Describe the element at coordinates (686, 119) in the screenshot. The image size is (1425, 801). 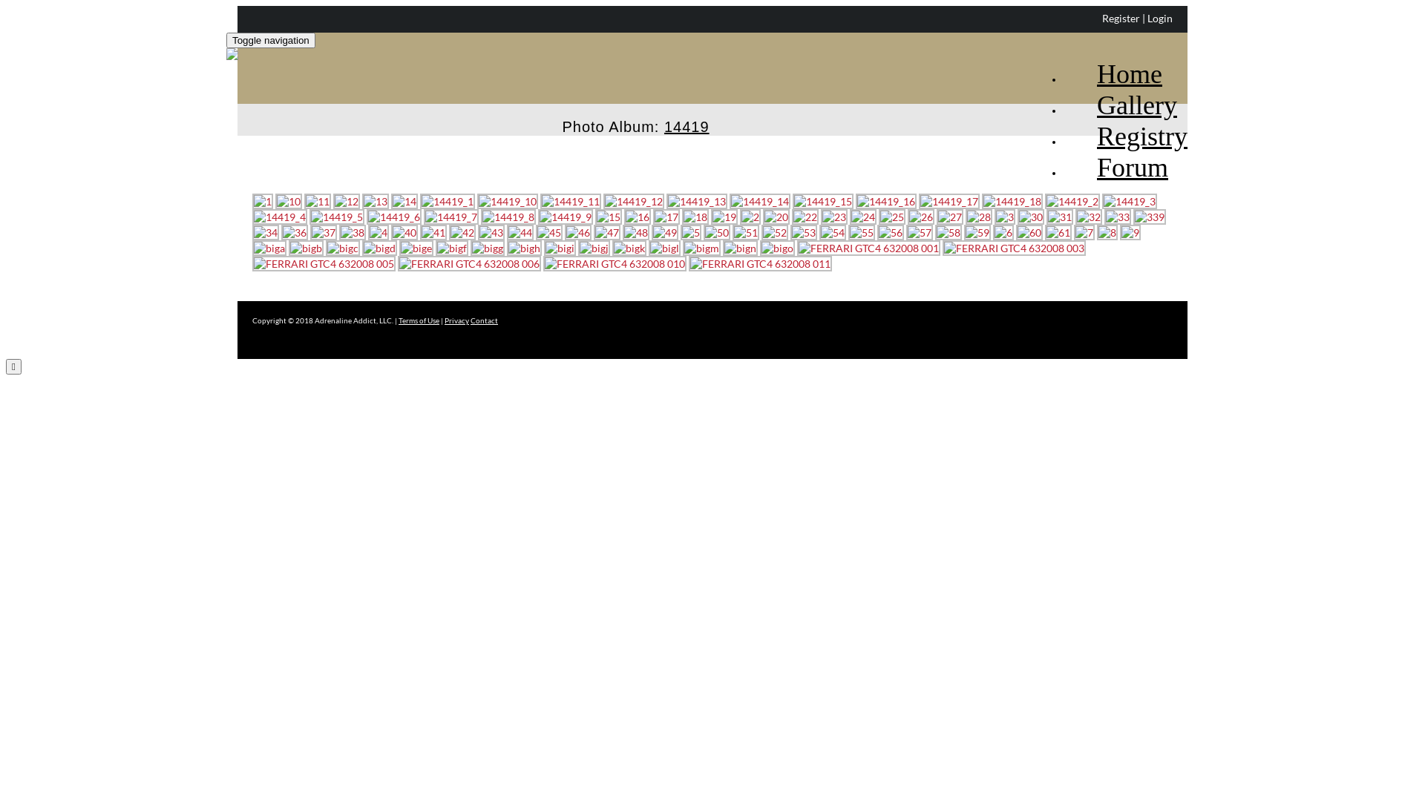
I see `'14419'` at that location.